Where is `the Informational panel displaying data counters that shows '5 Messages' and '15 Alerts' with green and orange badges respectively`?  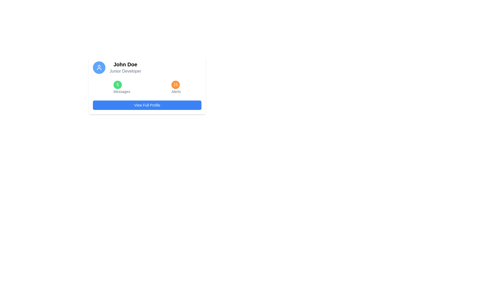 the Informational panel displaying data counters that shows '5 Messages' and '15 Alerts' with green and orange badges respectively is located at coordinates (147, 87).